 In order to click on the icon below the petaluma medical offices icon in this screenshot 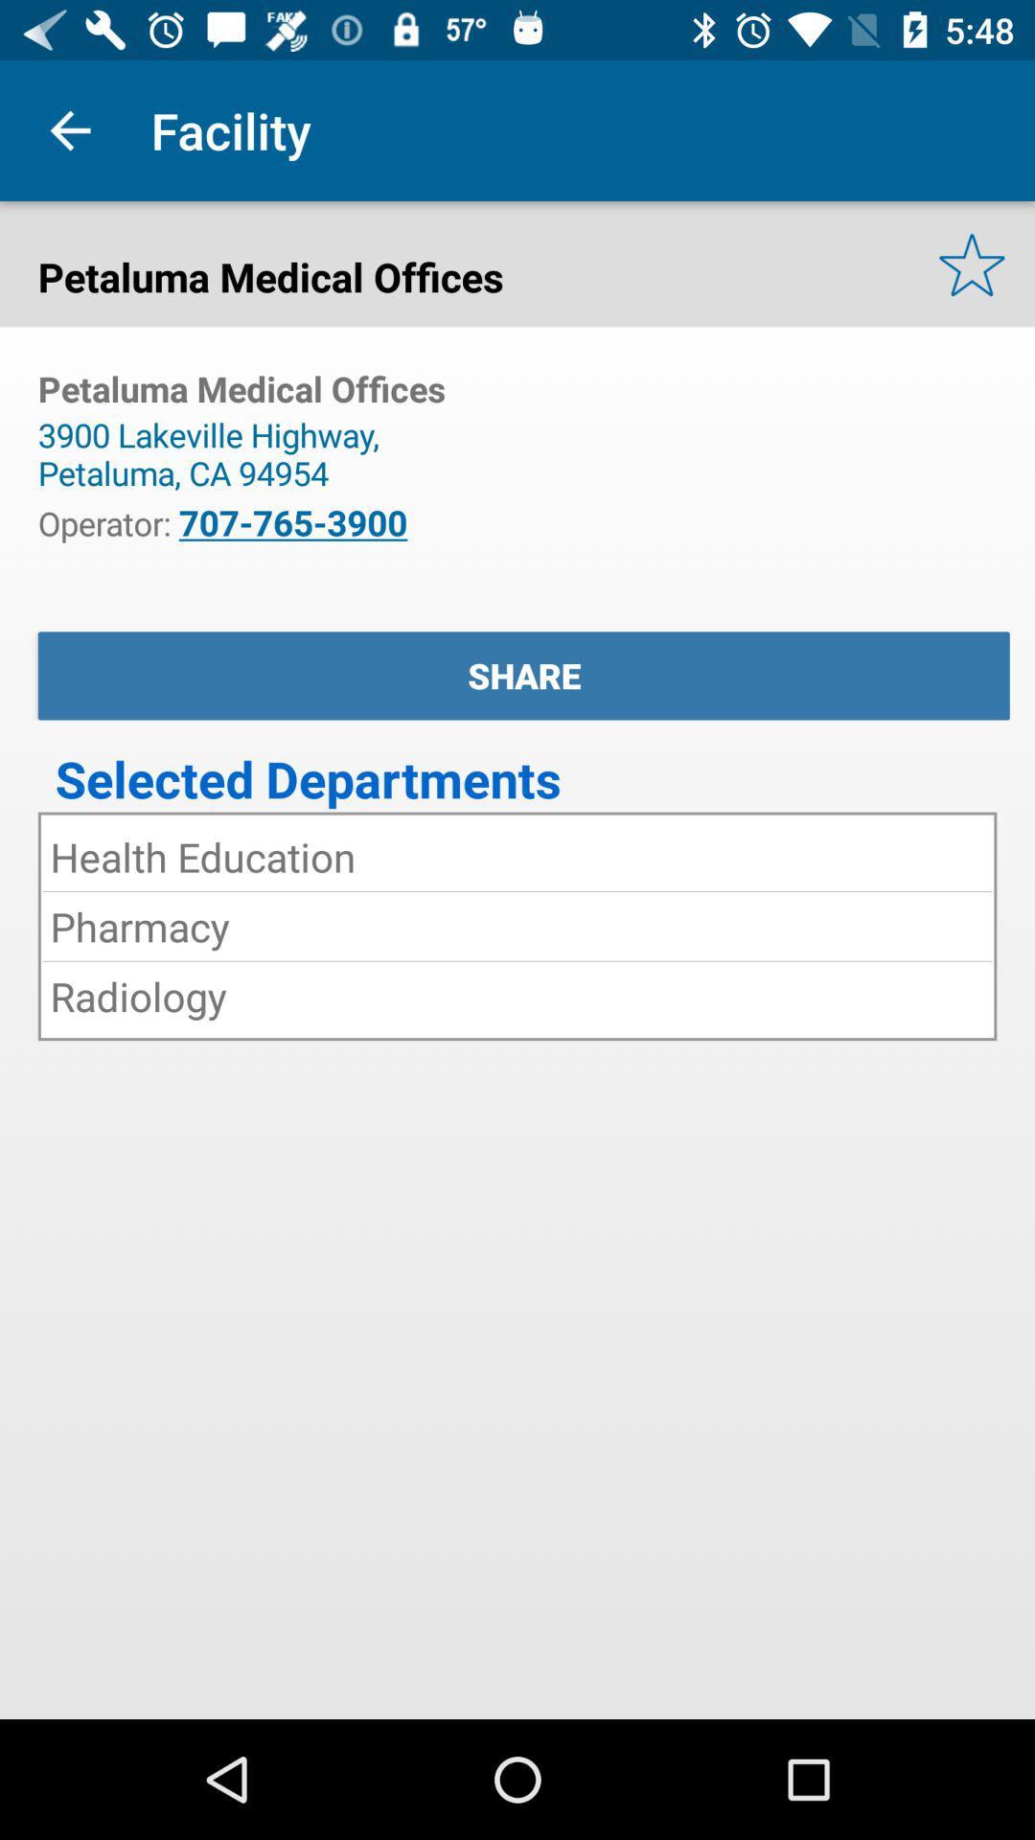, I will do `click(217, 452)`.